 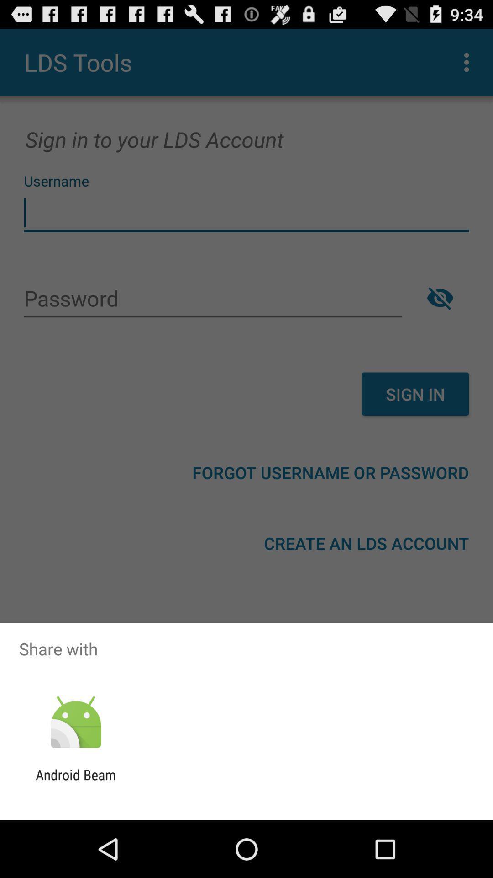 What do you see at coordinates (75, 722) in the screenshot?
I see `icon above the android beam` at bounding box center [75, 722].